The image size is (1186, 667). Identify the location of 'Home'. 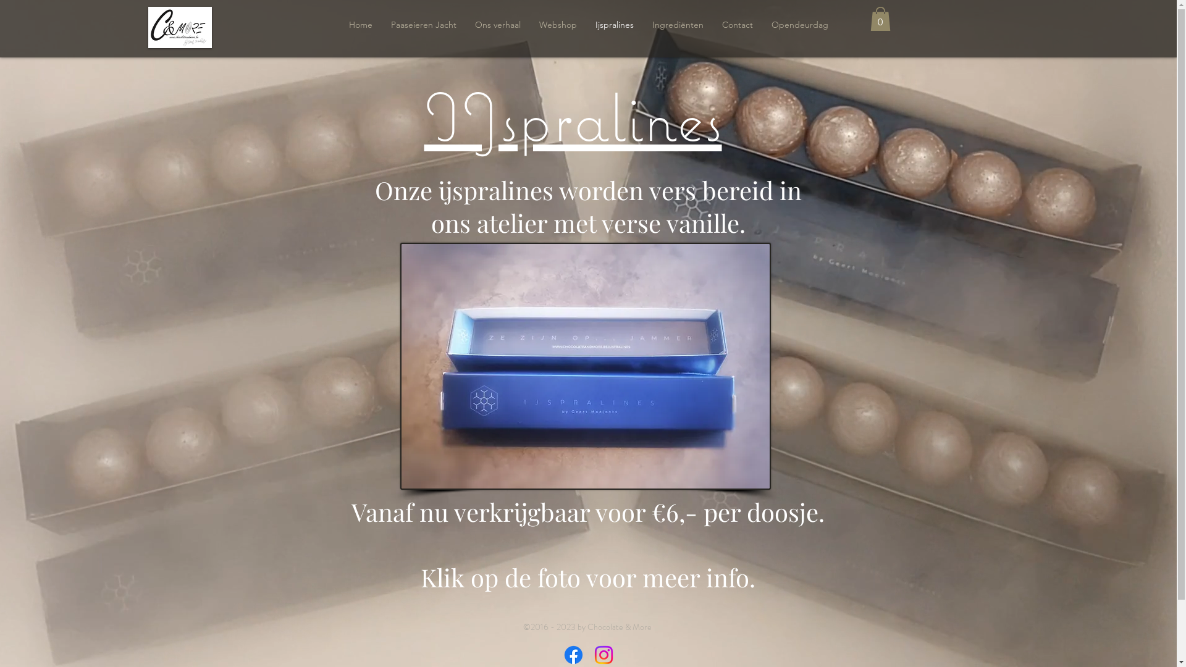
(340, 24).